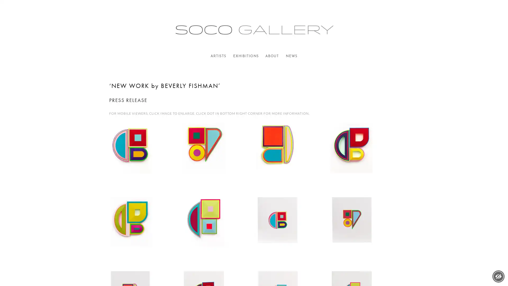  I want to click on View fullsize BEVERLY FISHMAN Untitled (Pain, Depression, Anxiety) , 2021 Urethane paint on wood 43 x 45.75 inches INQUIRE +, so click(143, 157).